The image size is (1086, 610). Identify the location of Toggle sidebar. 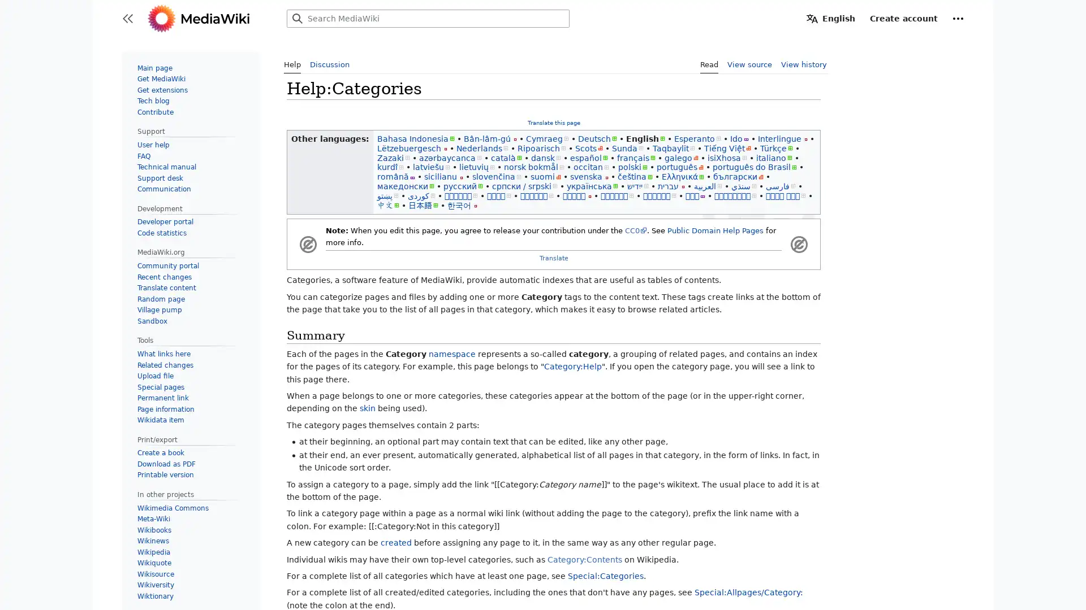
(127, 19).